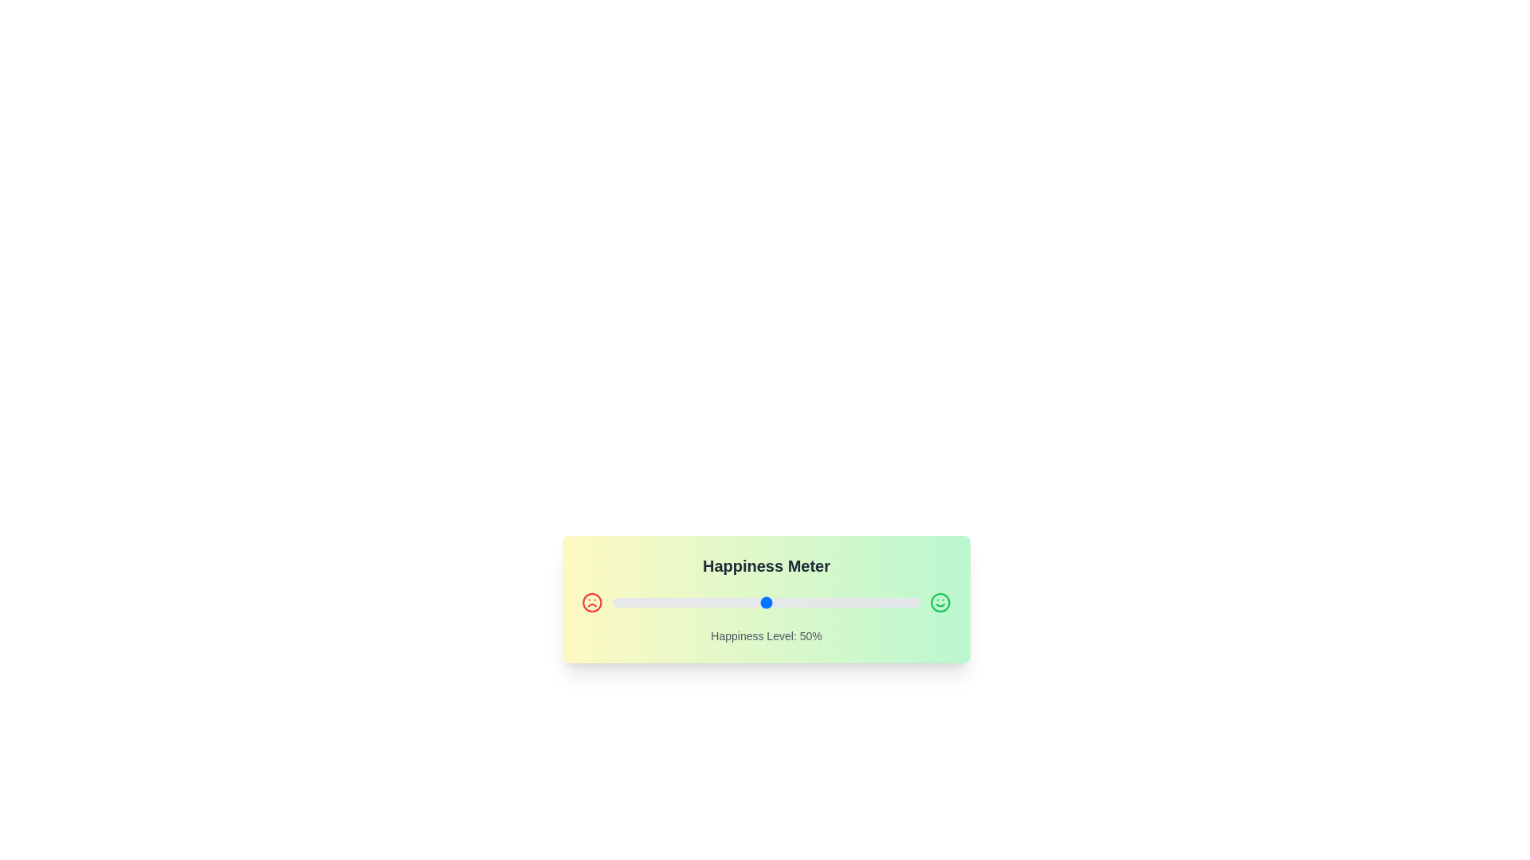  What do you see at coordinates (621, 602) in the screenshot?
I see `the slider to set the happiness level to 3%` at bounding box center [621, 602].